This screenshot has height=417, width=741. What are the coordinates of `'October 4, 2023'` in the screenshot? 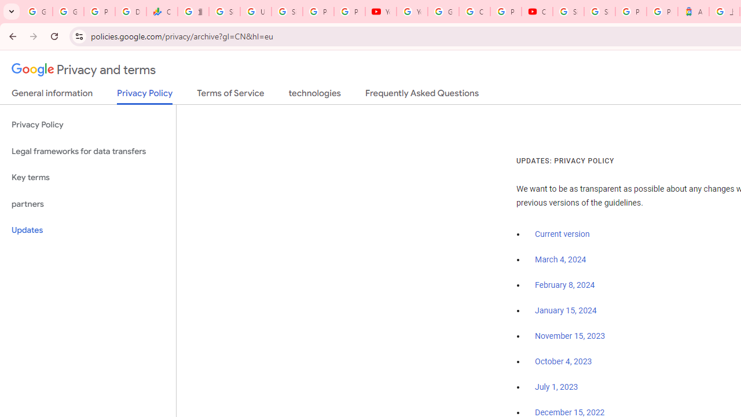 It's located at (563, 361).